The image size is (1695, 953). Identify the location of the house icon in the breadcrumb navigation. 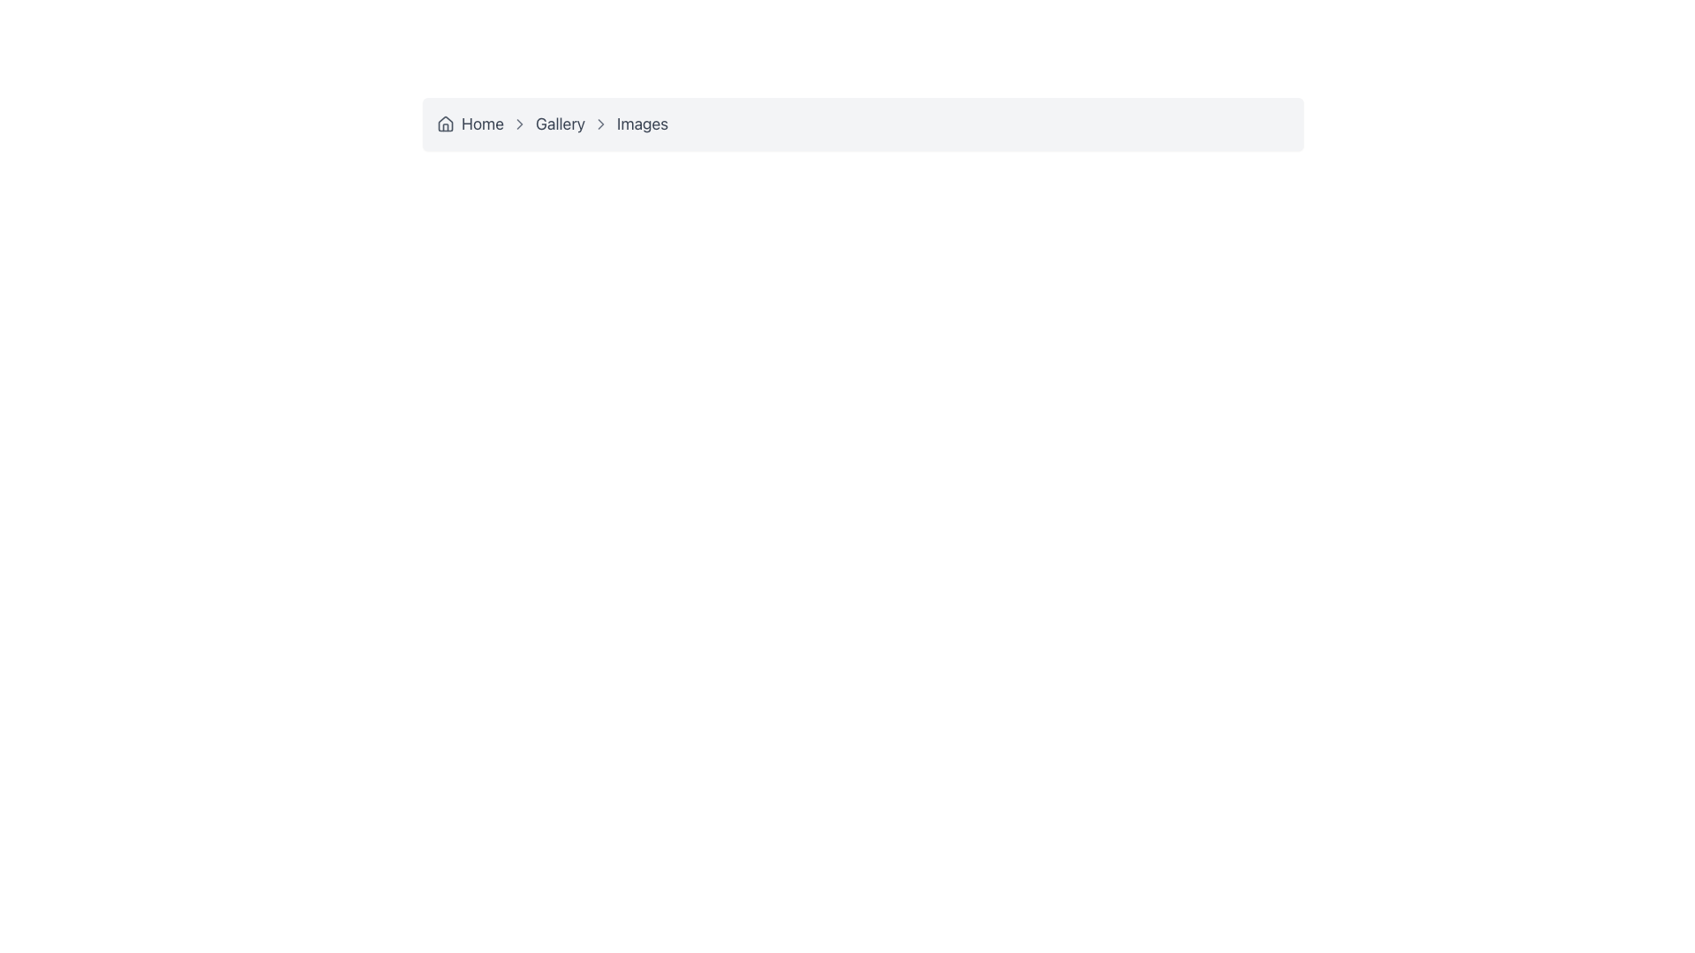
(445, 122).